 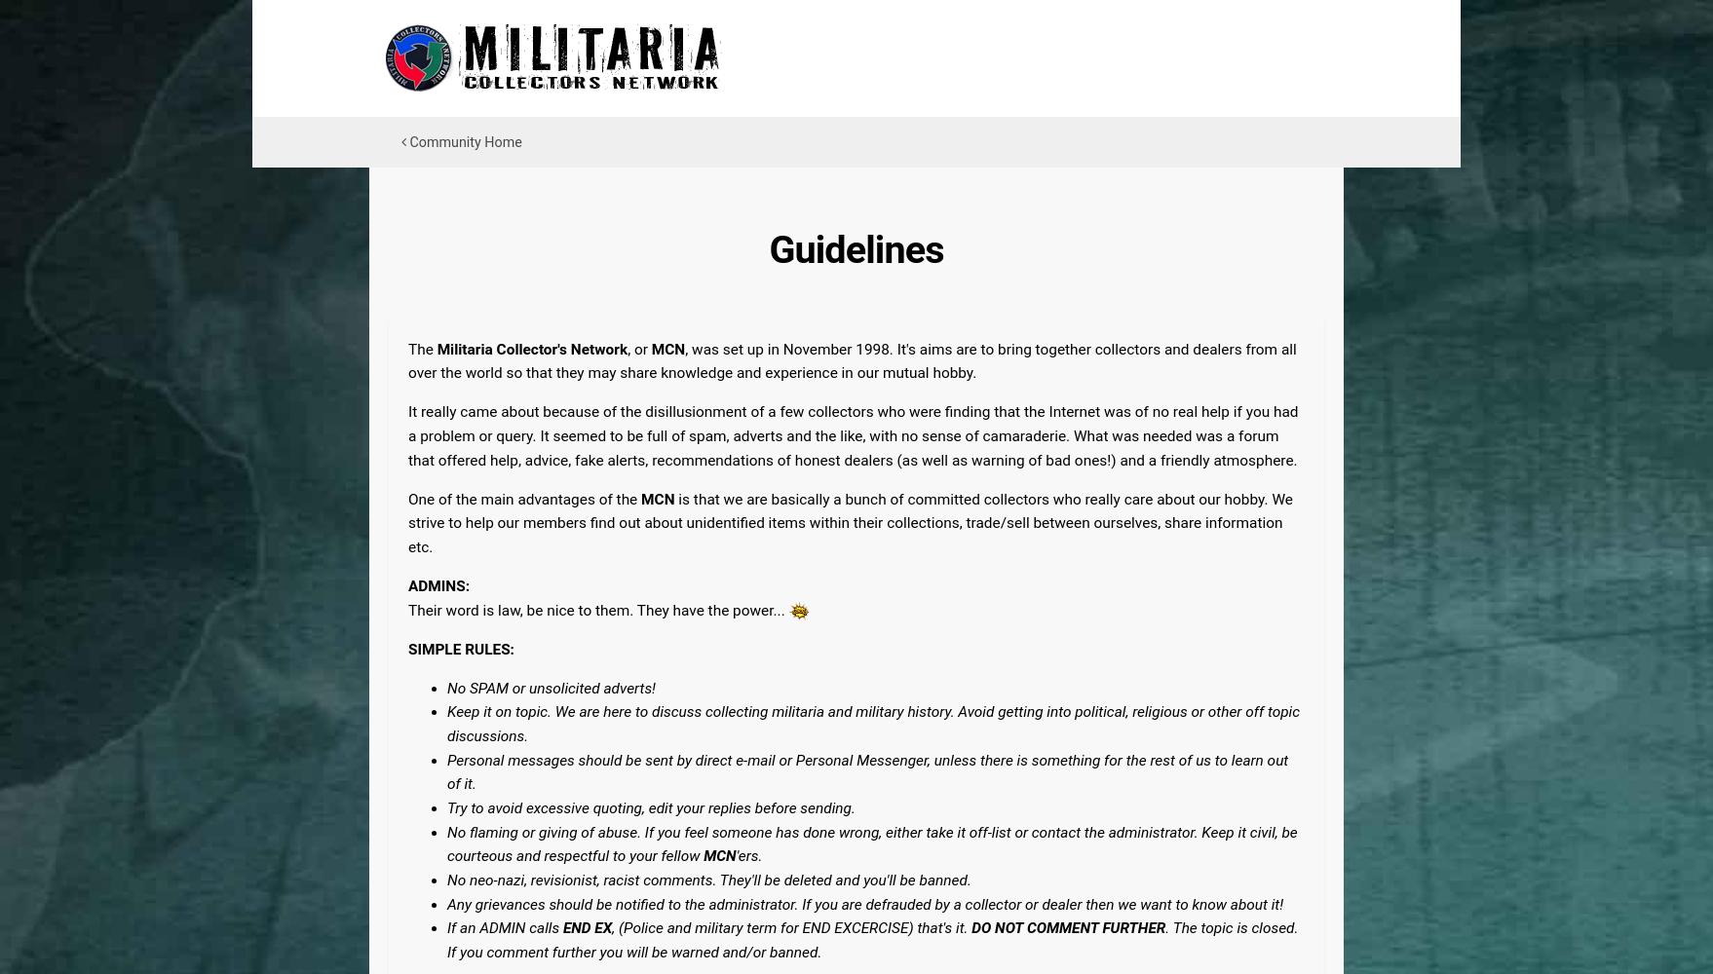 I want to click on 'Community Home', so click(x=463, y=142).